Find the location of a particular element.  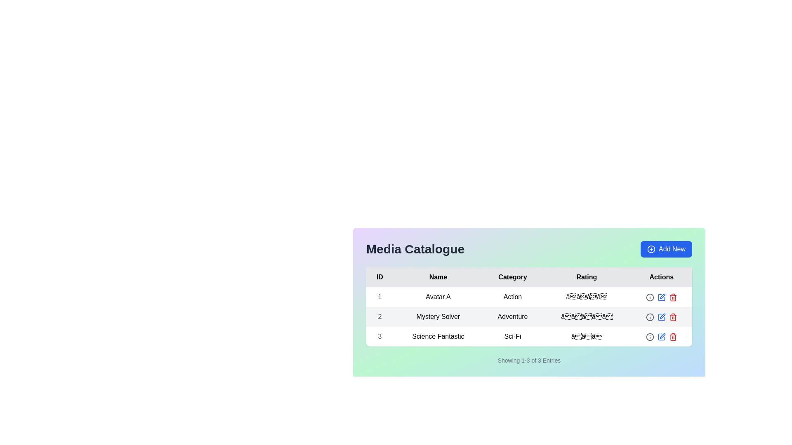

the rating display element located in the 'Rating' column of the second row, which follows the 'Adventure' text and precedes the 'Actions' section is located at coordinates (586, 316).